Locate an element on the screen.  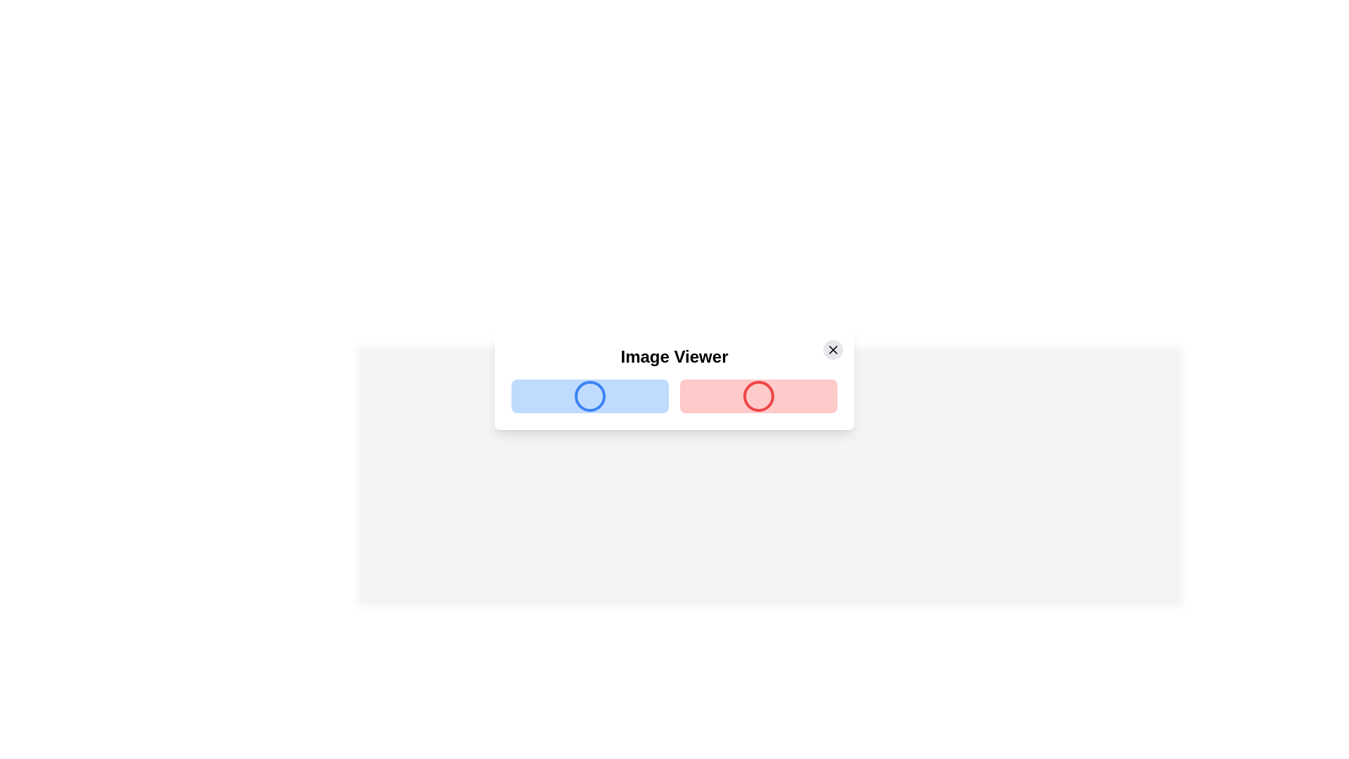
the close button represented by a small square icon with an 'X' symbol, located in the top-right corner of the 'Image Viewer' dialog is located at coordinates (833, 349).